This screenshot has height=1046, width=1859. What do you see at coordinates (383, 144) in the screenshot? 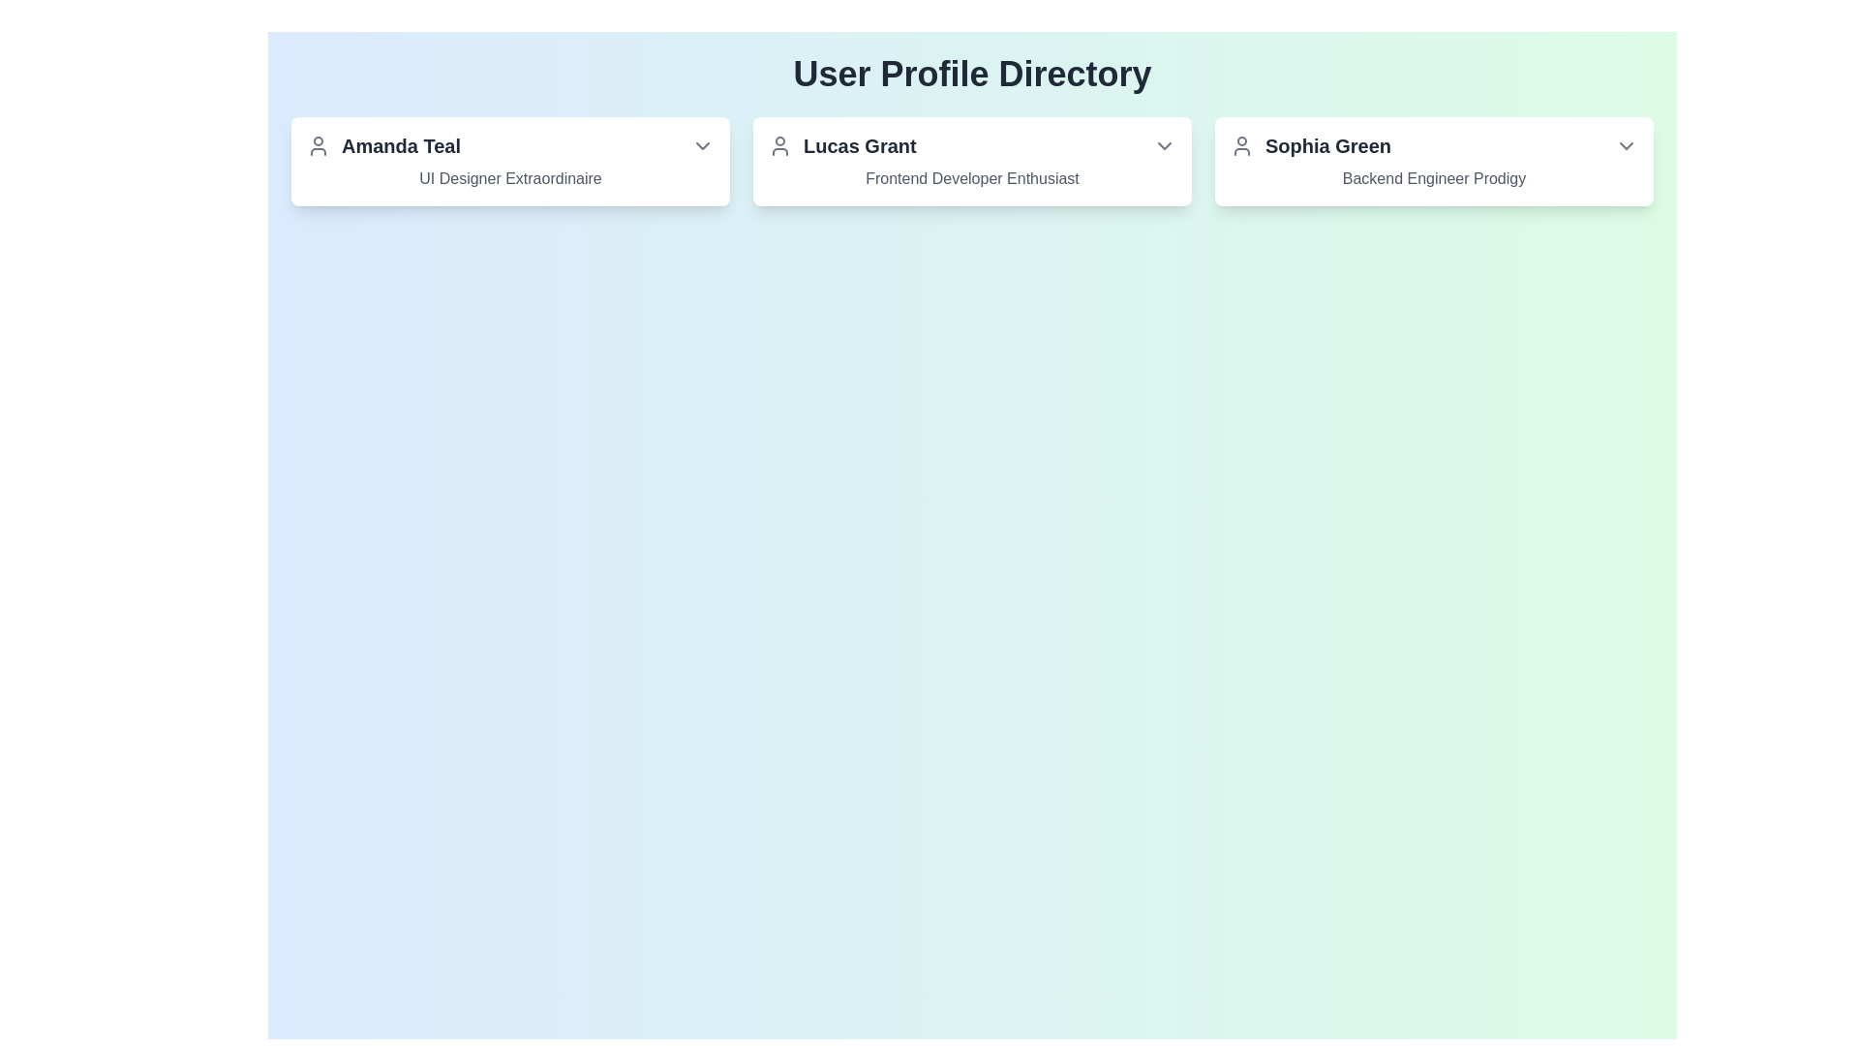
I see `text label indicating the name 'Amanda Teal' located at the top-left corner of the user profile card` at bounding box center [383, 144].